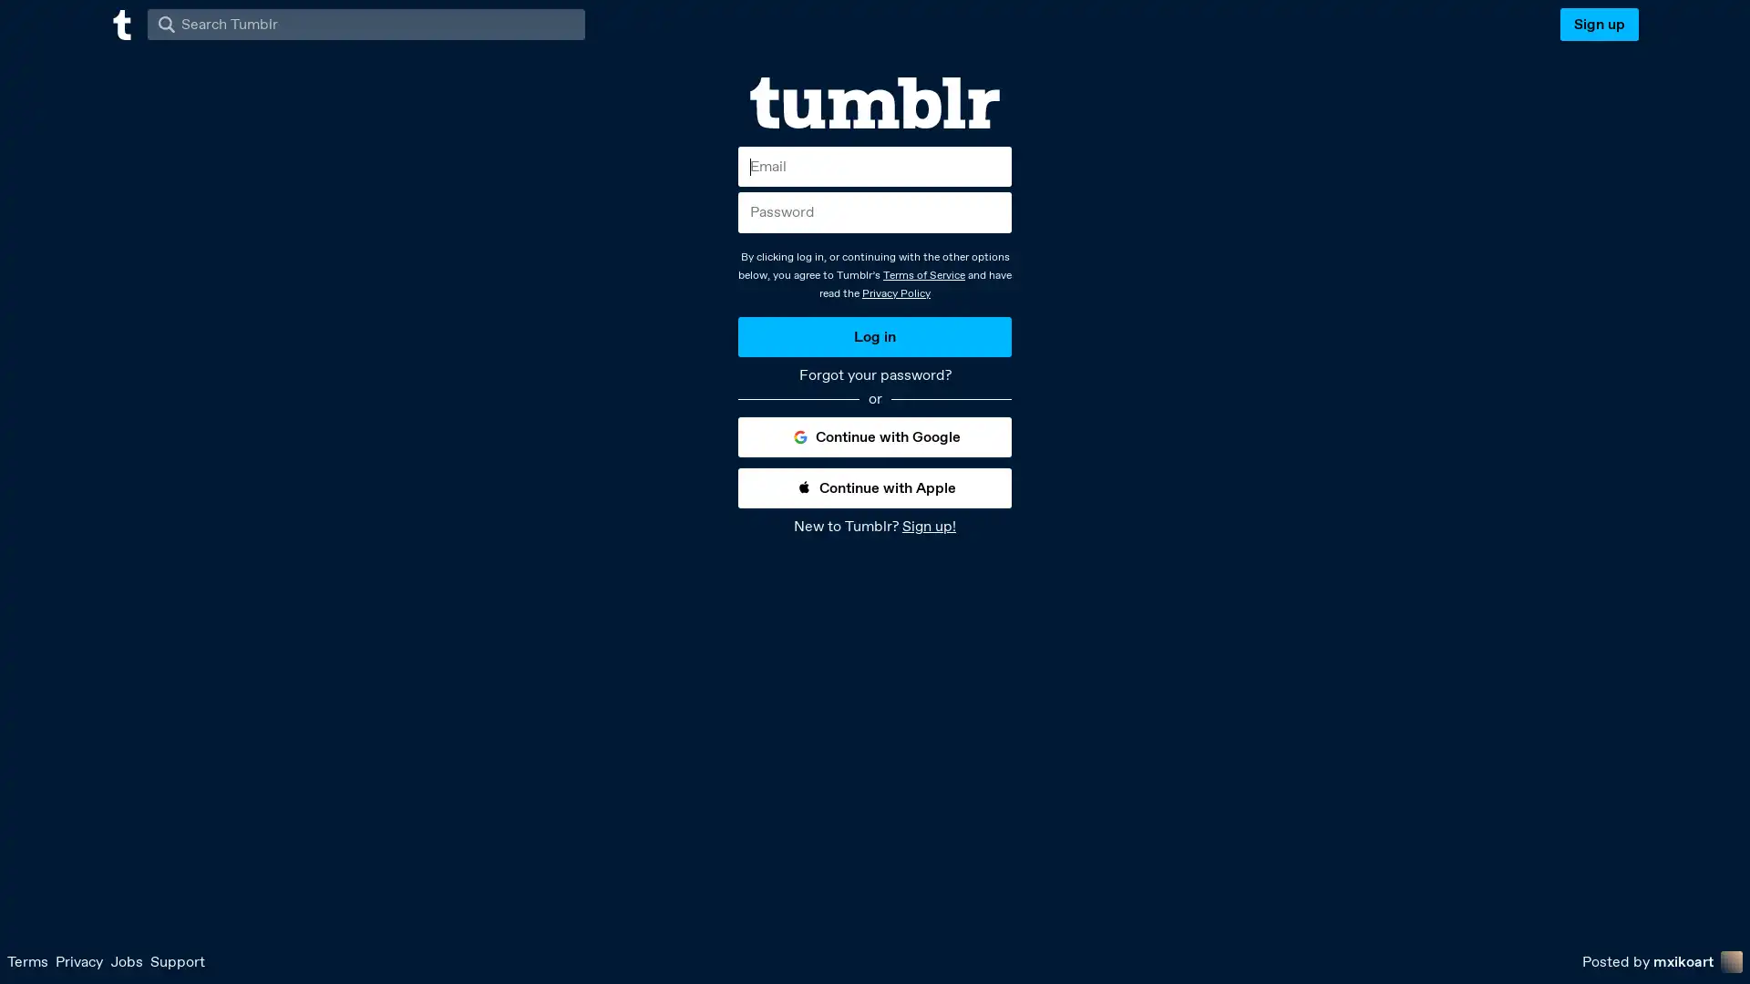 The height and width of the screenshot is (984, 1750). What do you see at coordinates (875, 336) in the screenshot?
I see `Log in` at bounding box center [875, 336].